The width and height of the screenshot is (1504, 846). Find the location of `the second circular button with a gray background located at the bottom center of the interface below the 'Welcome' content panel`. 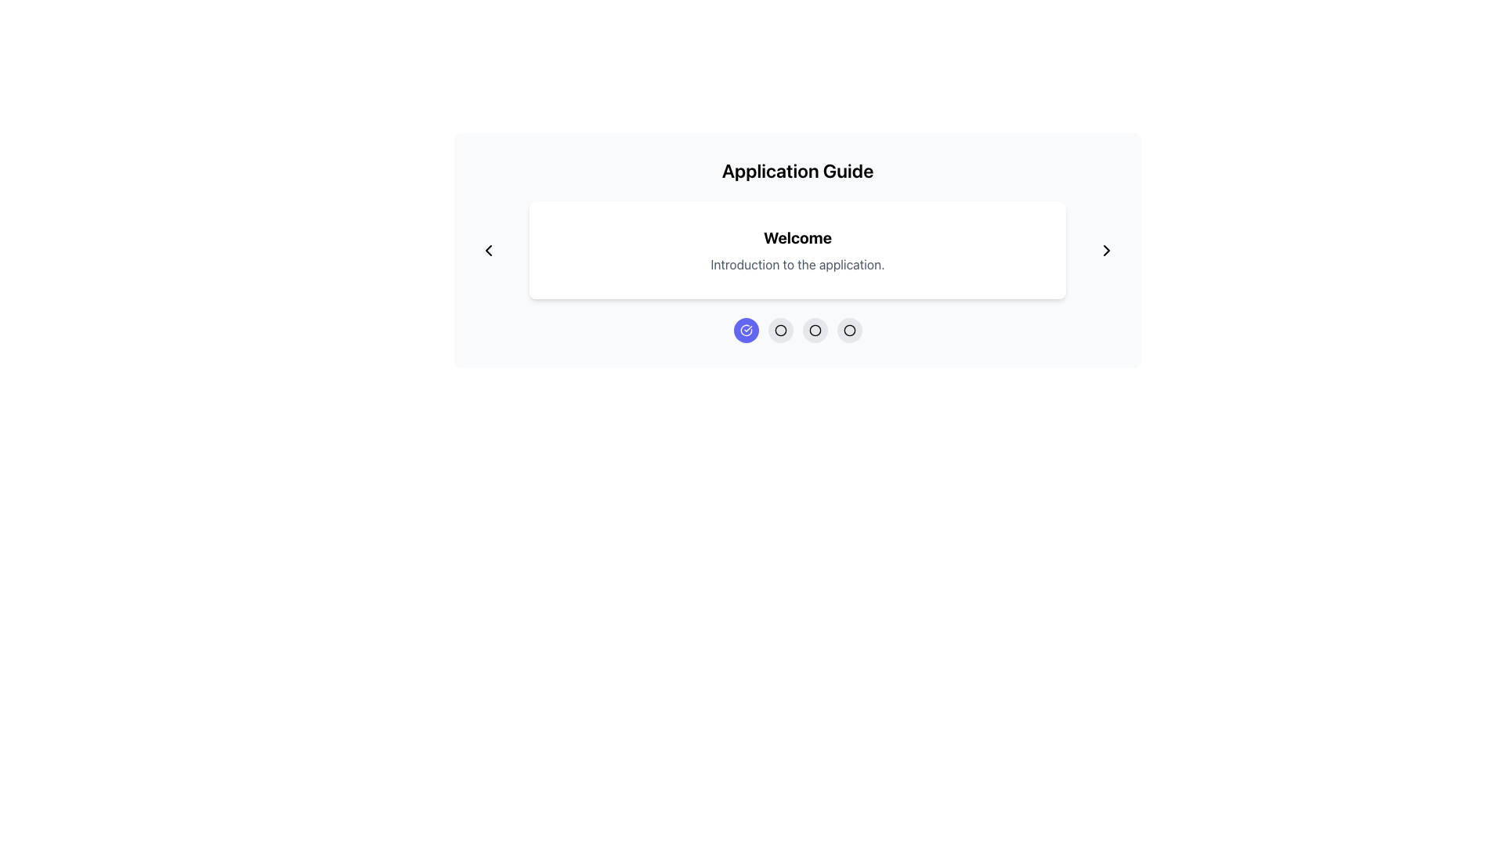

the second circular button with a gray background located at the bottom center of the interface below the 'Welcome' content panel is located at coordinates (780, 329).